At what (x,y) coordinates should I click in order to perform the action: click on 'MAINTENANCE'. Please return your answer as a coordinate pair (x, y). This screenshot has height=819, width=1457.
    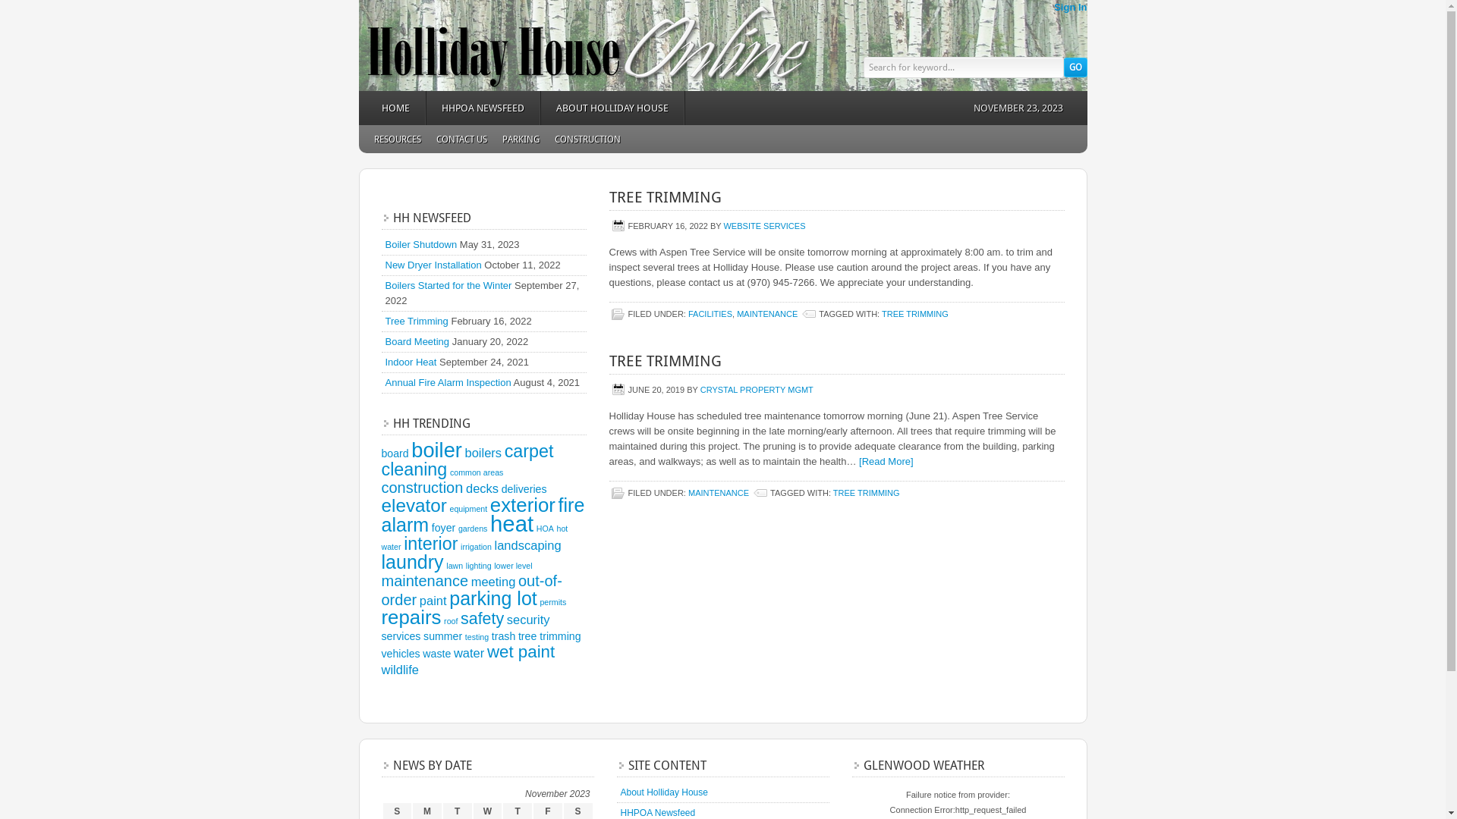
    Looking at the image, I should click on (717, 493).